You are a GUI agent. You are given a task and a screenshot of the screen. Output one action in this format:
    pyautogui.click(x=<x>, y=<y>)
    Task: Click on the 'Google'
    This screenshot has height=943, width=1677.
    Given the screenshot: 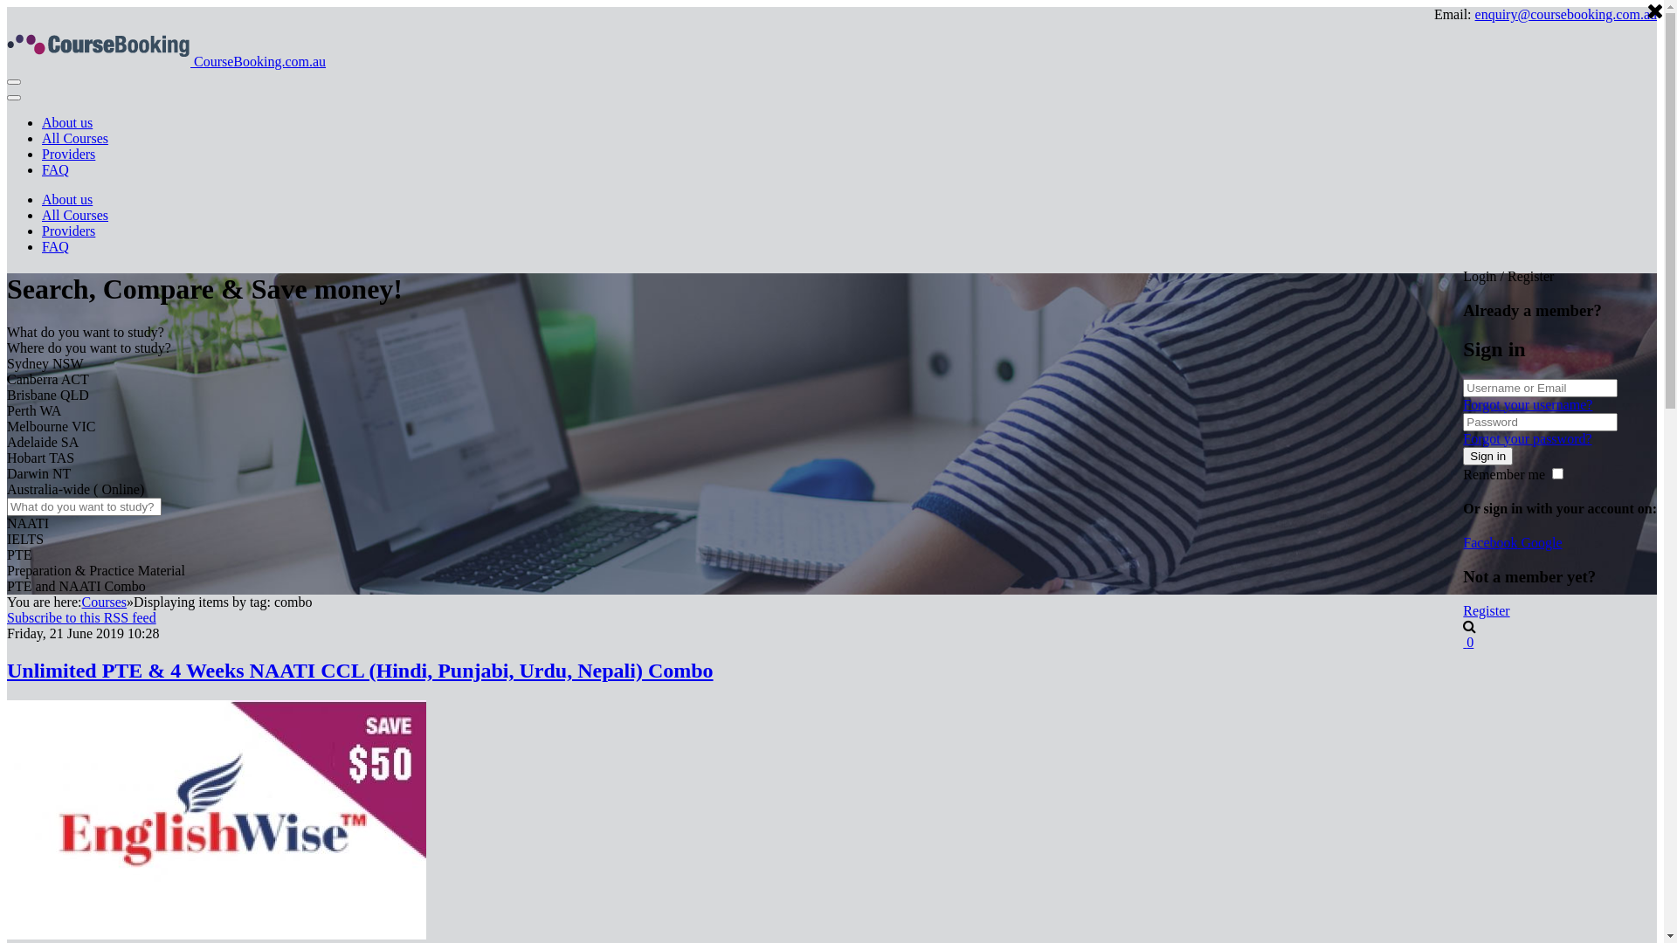 What is the action you would take?
    pyautogui.click(x=1542, y=541)
    